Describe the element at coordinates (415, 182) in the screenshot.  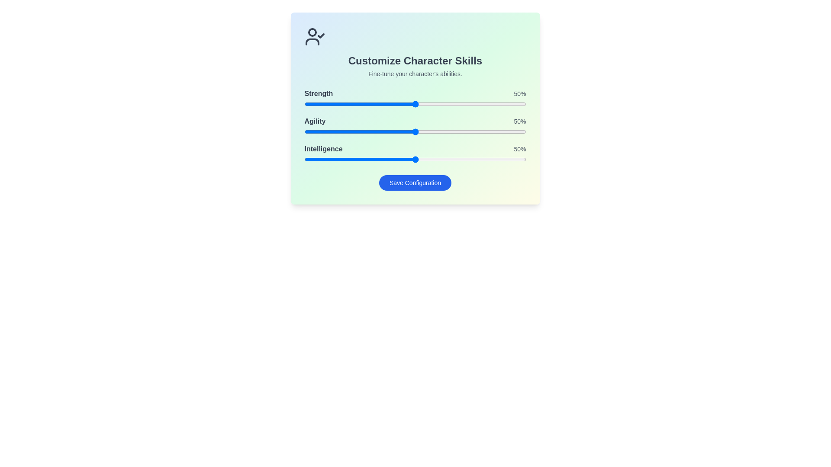
I see `'Save Configuration' button` at that location.